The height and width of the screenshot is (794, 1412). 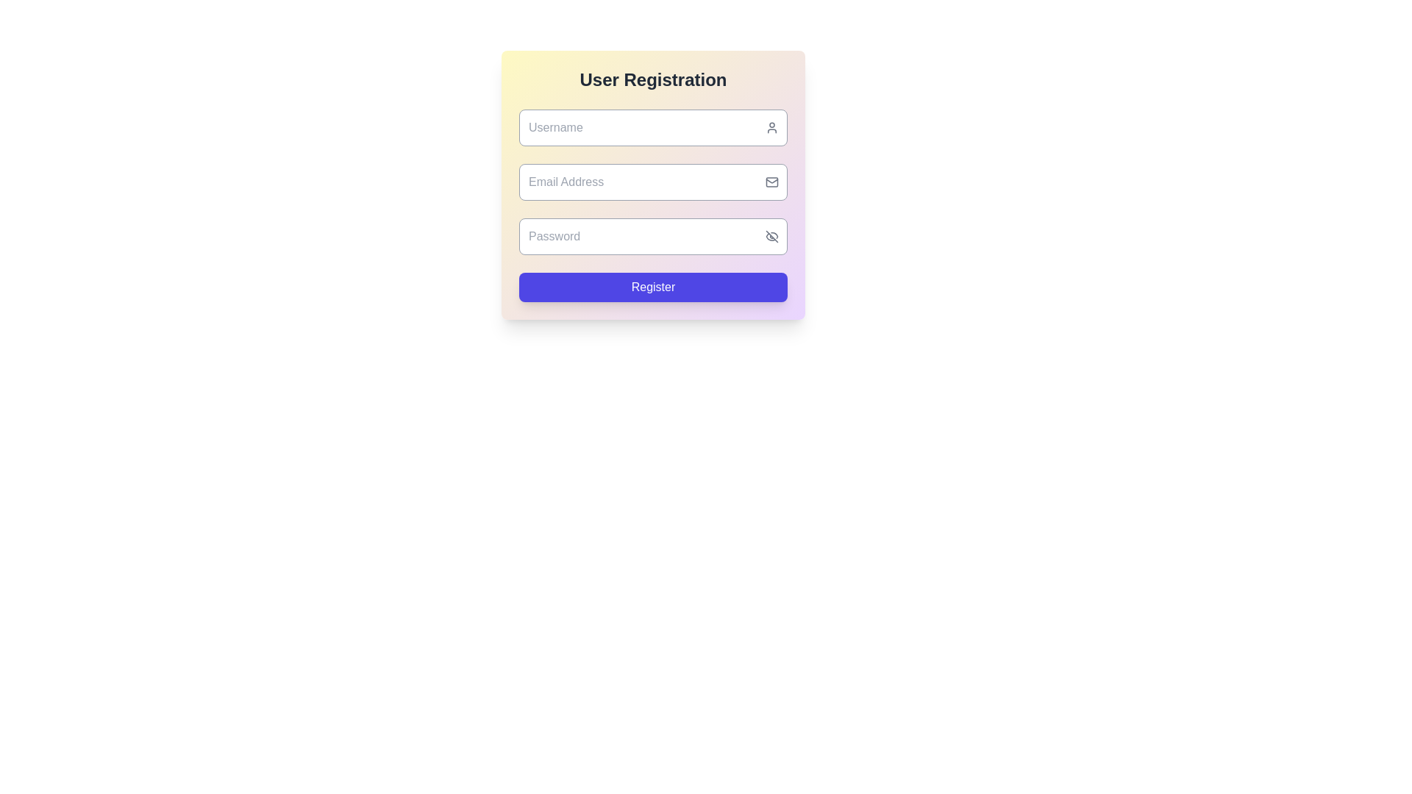 What do you see at coordinates (771, 181) in the screenshot?
I see `the decorative icon indicating the email input field, which is located on the right side of the 'Email Address' input box` at bounding box center [771, 181].